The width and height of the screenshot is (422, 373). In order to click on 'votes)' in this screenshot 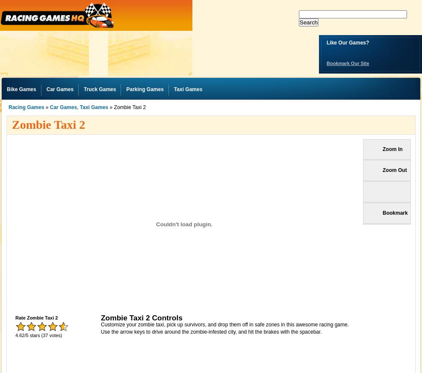, I will do `click(55, 335)`.